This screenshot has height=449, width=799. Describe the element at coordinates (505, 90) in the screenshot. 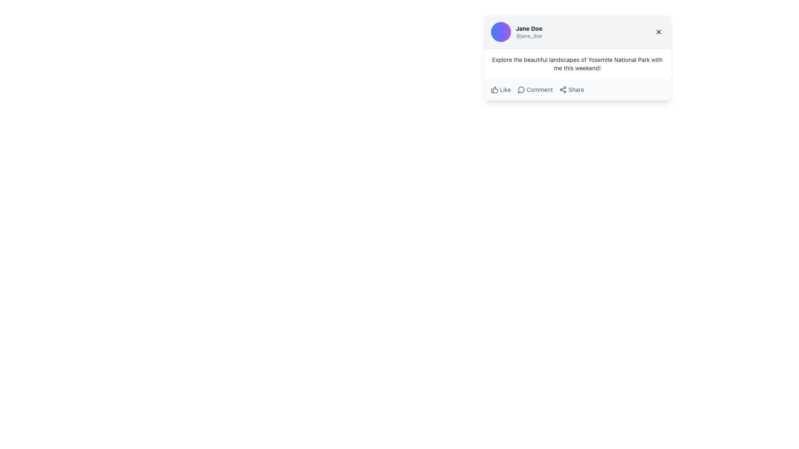

I see `the Text Label that indicates the thumbs-up icon, which provides a textual representation for liking a post` at that location.